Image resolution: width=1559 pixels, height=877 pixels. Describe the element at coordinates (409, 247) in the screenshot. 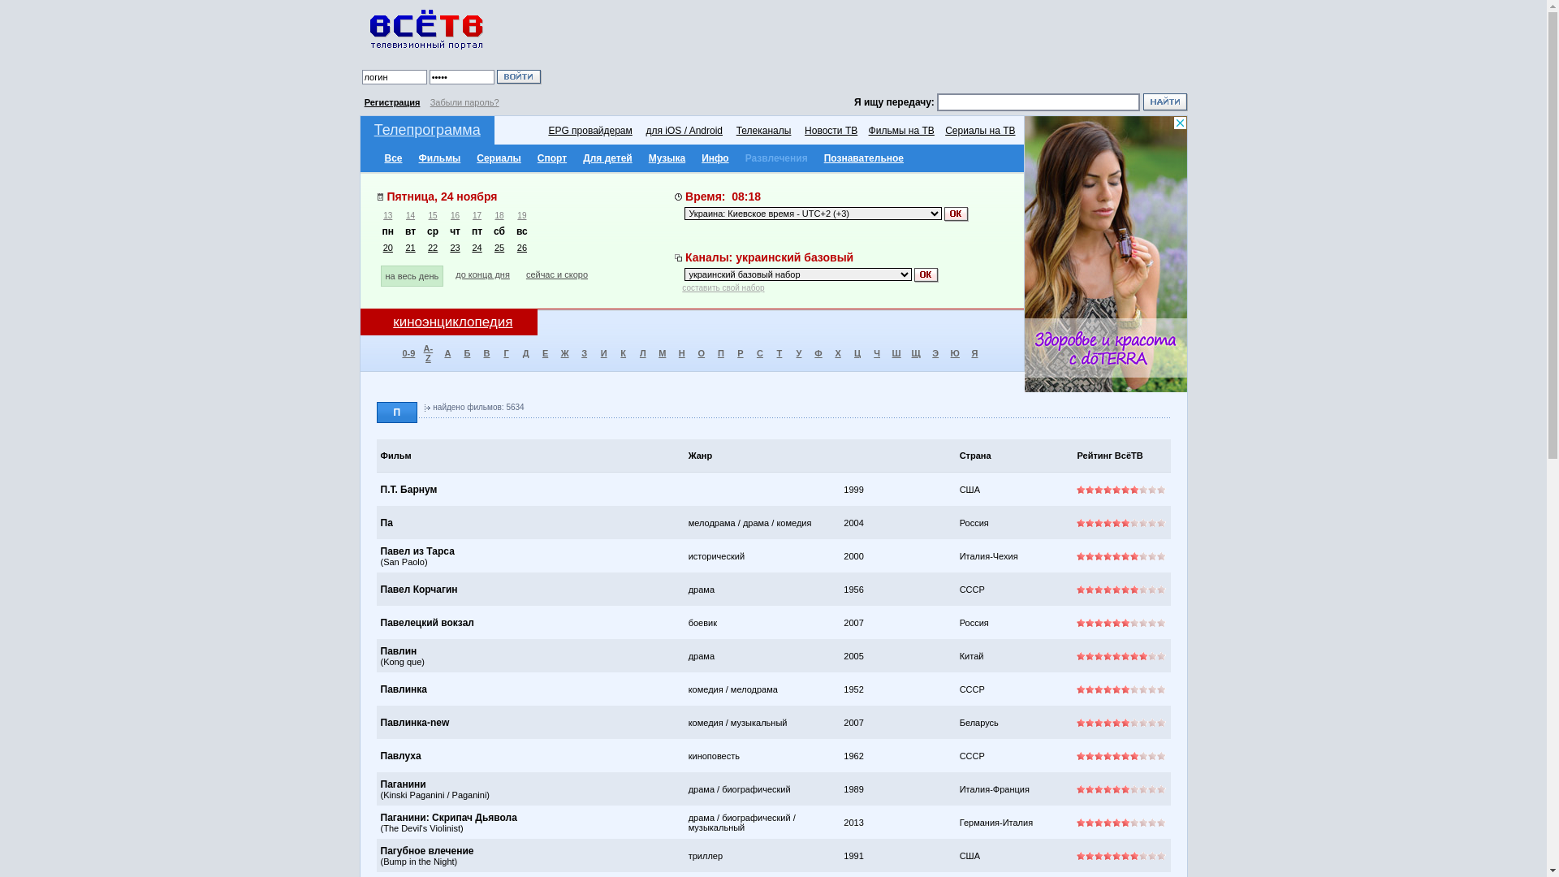

I see `'21'` at that location.